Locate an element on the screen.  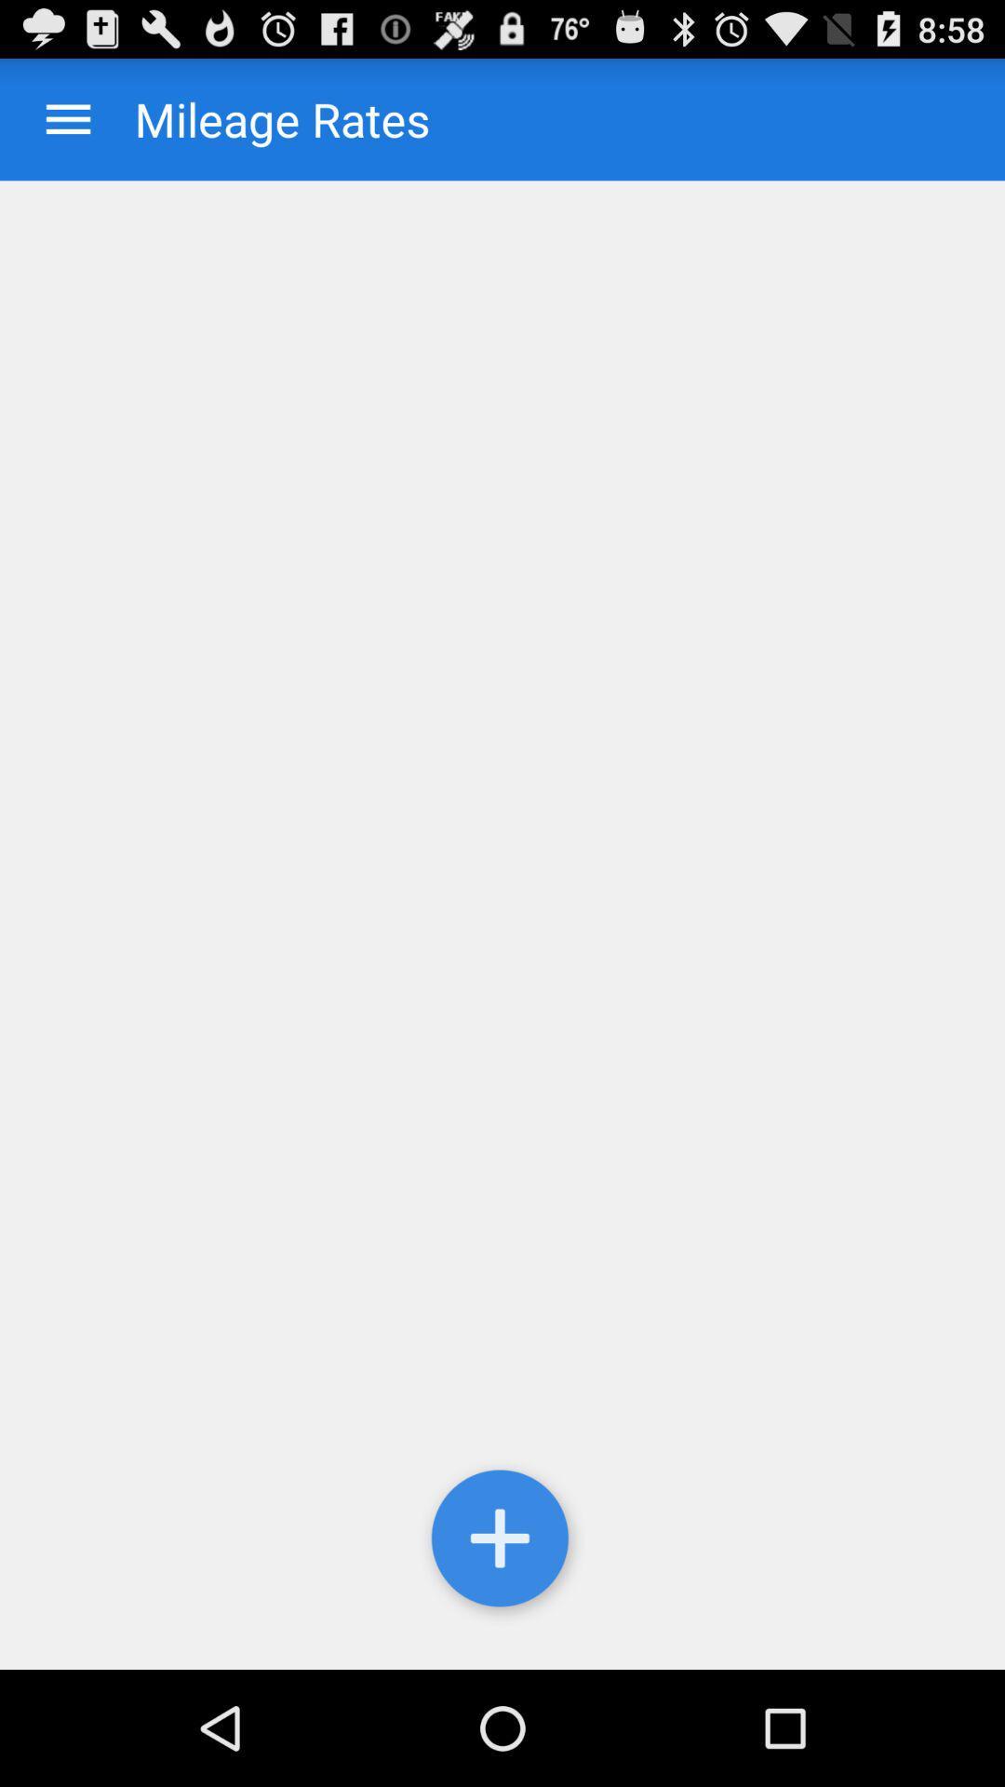
the mileage rates icon is located at coordinates (263, 118).